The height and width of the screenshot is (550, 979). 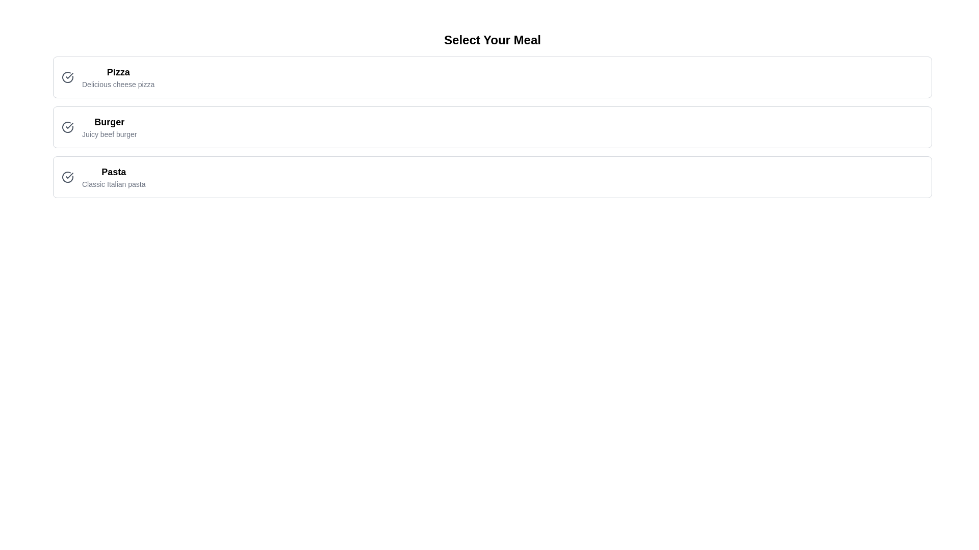 I want to click on text from the Text Label element that contains 'Delicious cheese pizza', which is positioned below the title 'Pizza' in the meal selection list, so click(x=118, y=84).